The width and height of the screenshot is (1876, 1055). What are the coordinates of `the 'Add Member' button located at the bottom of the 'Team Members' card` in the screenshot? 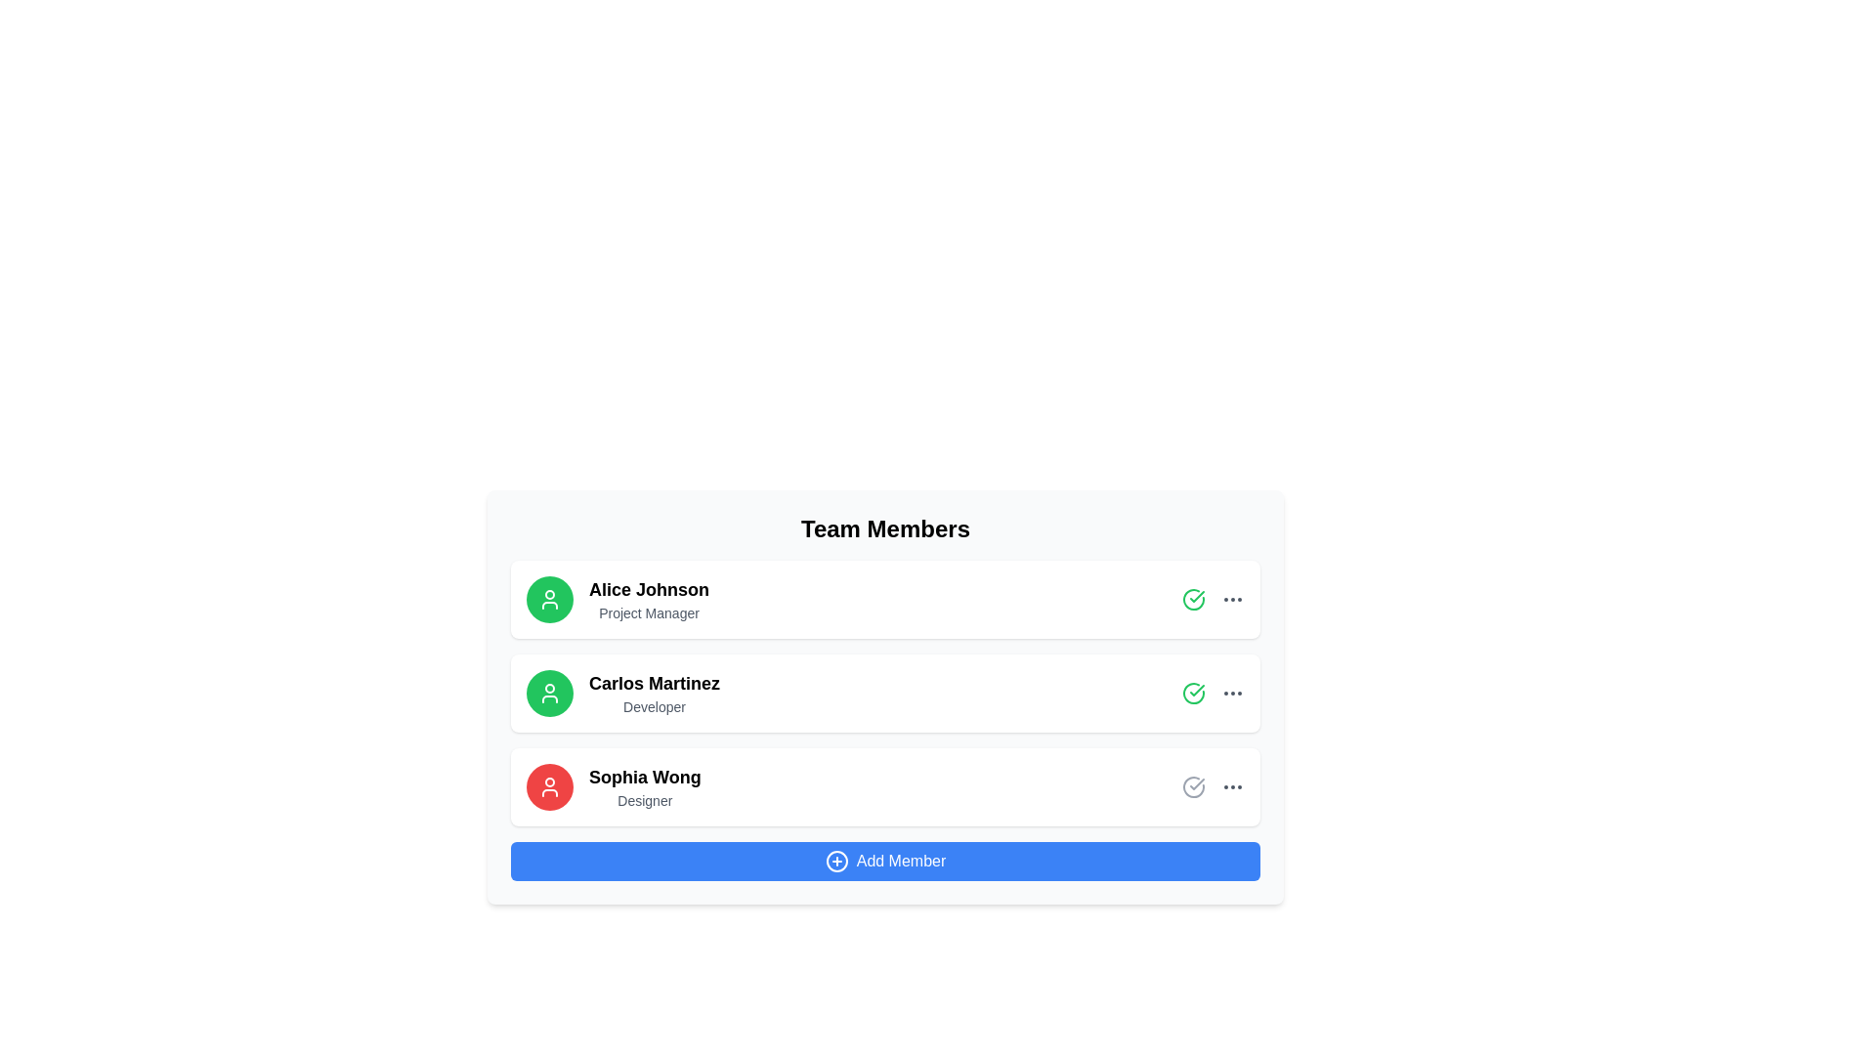 It's located at (884, 861).